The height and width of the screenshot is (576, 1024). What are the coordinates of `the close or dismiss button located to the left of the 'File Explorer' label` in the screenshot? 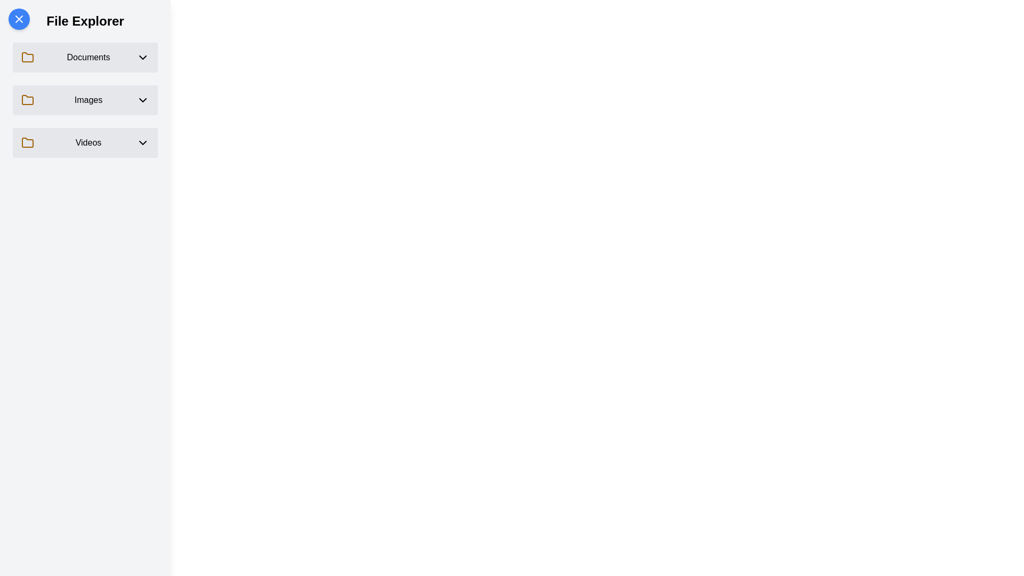 It's located at (19, 19).